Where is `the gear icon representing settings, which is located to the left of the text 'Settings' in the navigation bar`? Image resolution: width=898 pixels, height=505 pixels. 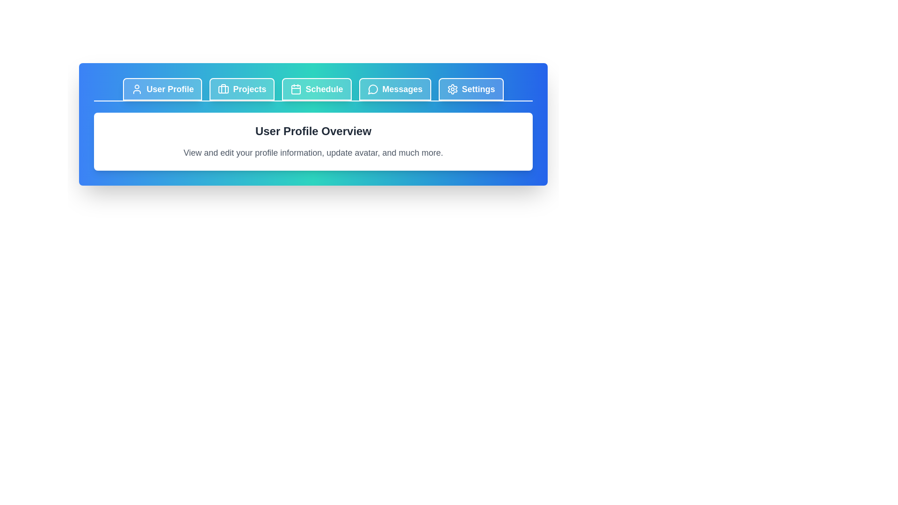
the gear icon representing settings, which is located to the left of the text 'Settings' in the navigation bar is located at coordinates (452, 89).